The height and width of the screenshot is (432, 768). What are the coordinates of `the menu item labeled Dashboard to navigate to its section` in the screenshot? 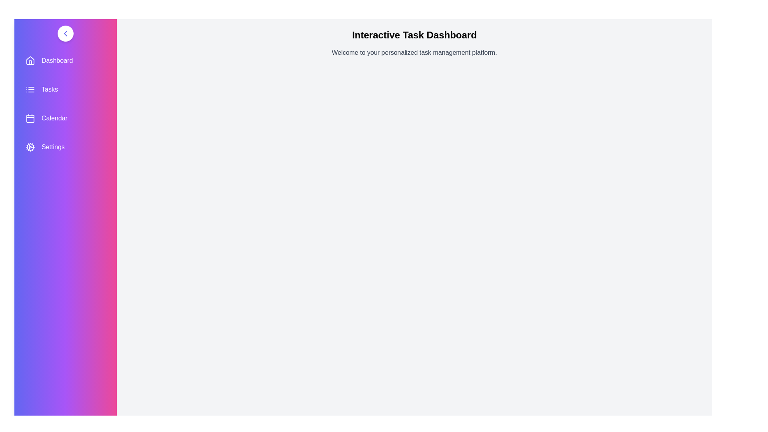 It's located at (65, 60).